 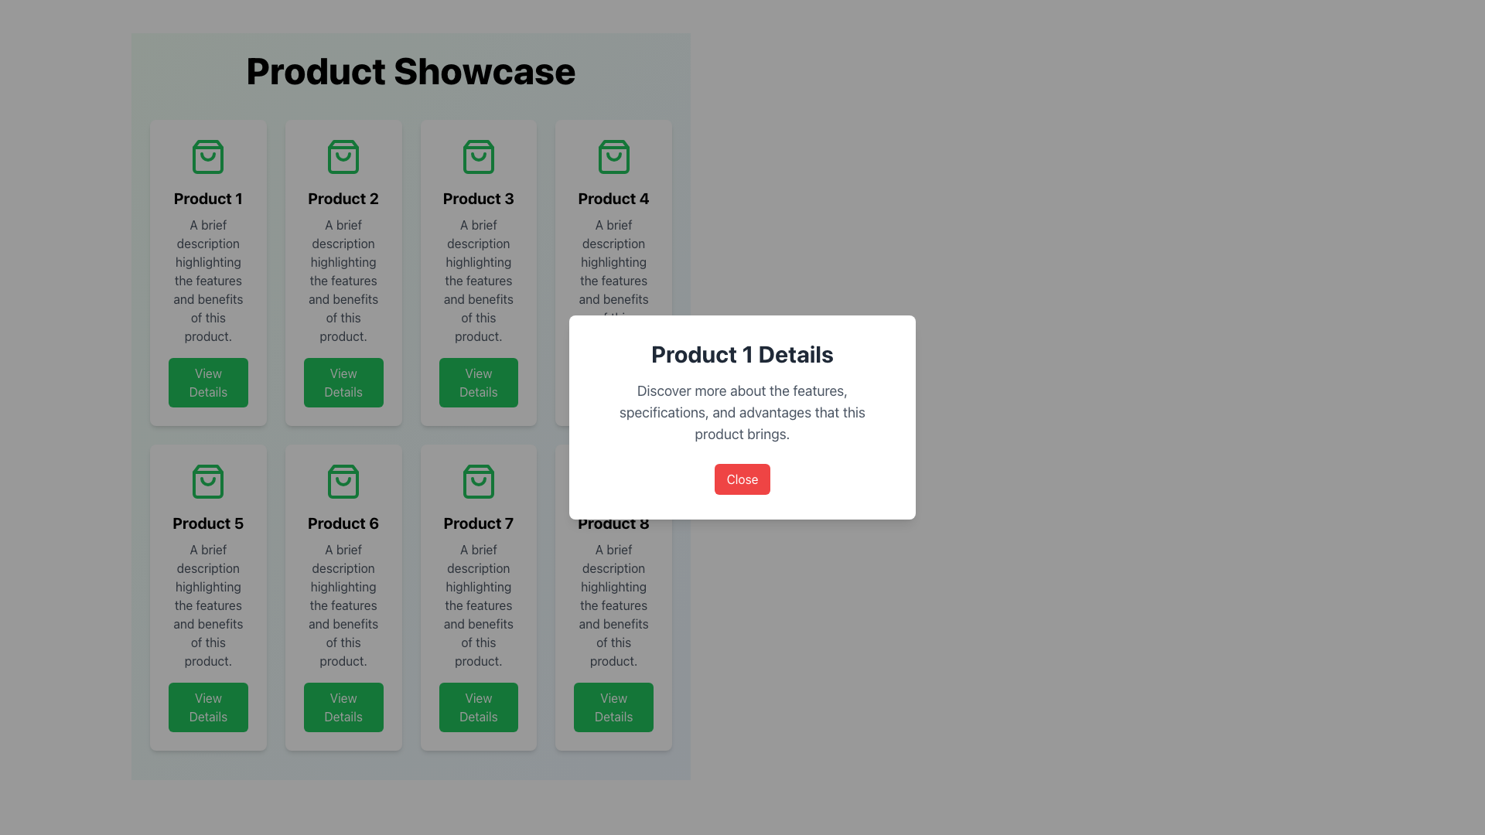 What do you see at coordinates (343, 481) in the screenshot?
I see `the shopping icon located at the center of the 'Product 6' card, which is positioned directly above the title 'Product 6' in the lower middle section of the grid` at bounding box center [343, 481].